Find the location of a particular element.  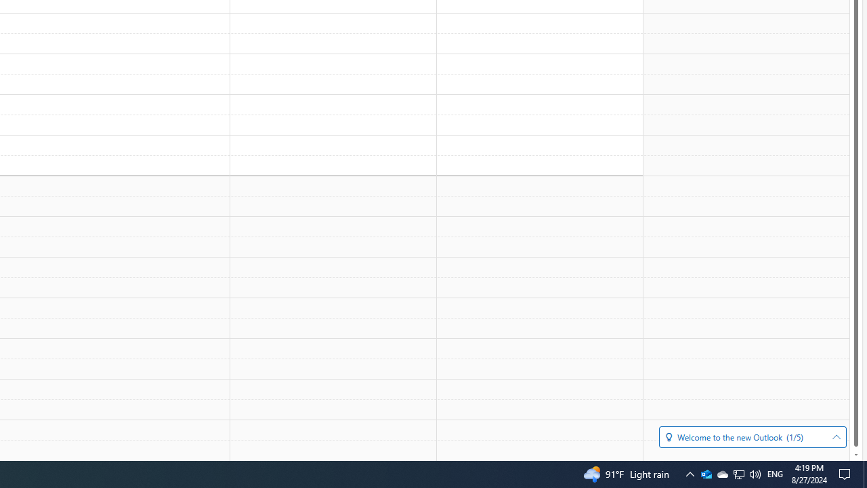

'System Promoted Notification Area' is located at coordinates (705, 473).